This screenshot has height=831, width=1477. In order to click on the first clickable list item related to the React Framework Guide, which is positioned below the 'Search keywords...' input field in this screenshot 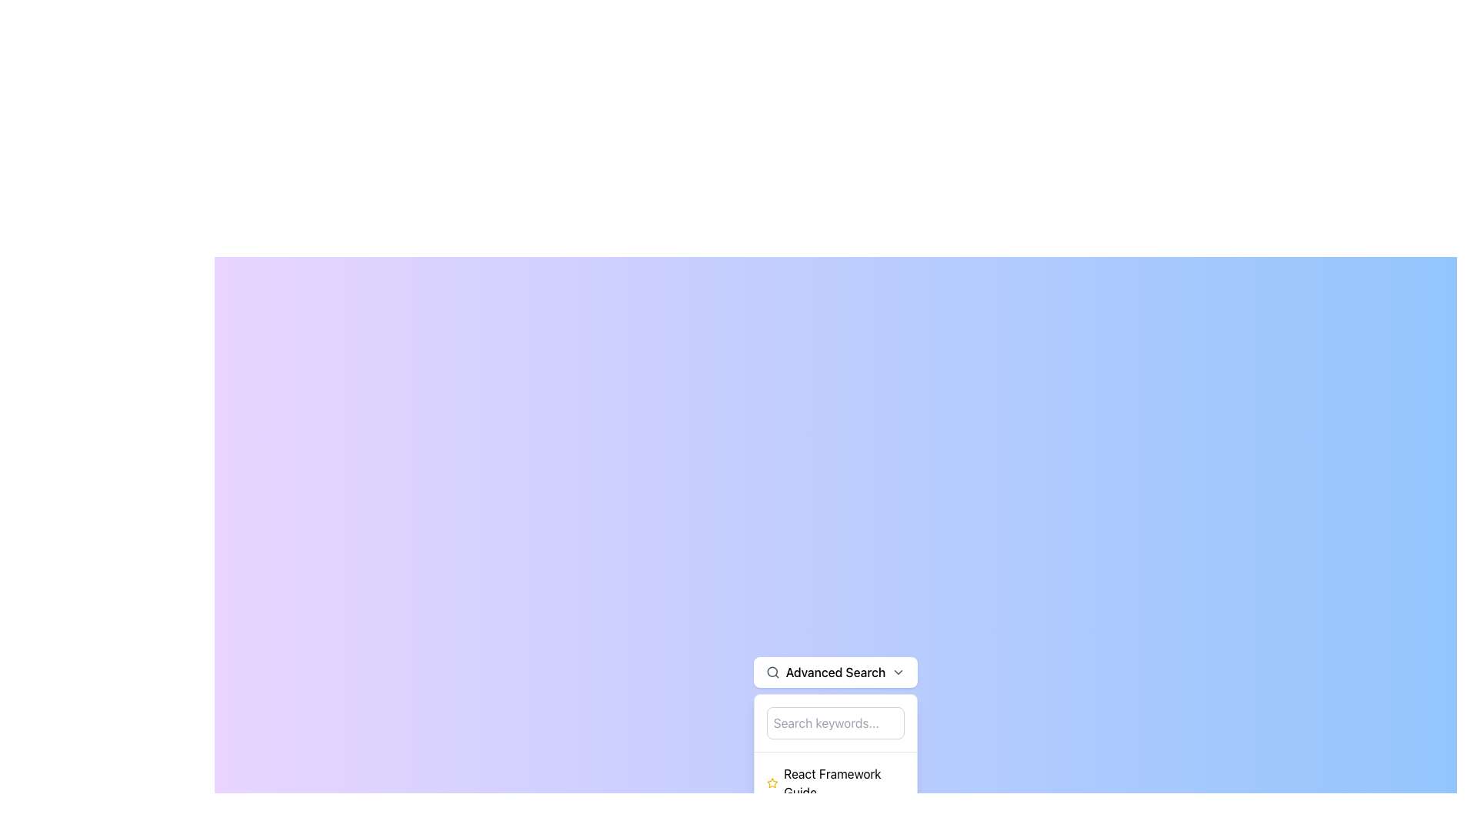, I will do `click(835, 783)`.